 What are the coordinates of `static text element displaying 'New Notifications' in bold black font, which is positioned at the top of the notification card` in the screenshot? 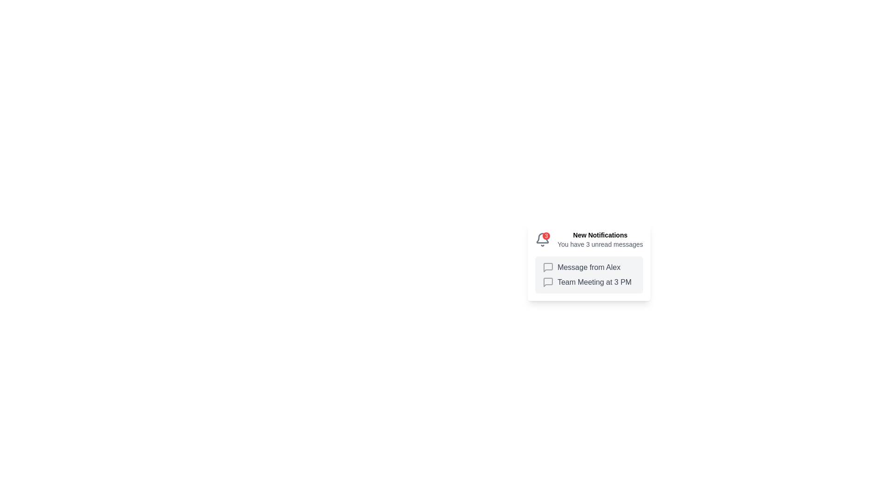 It's located at (600, 235).